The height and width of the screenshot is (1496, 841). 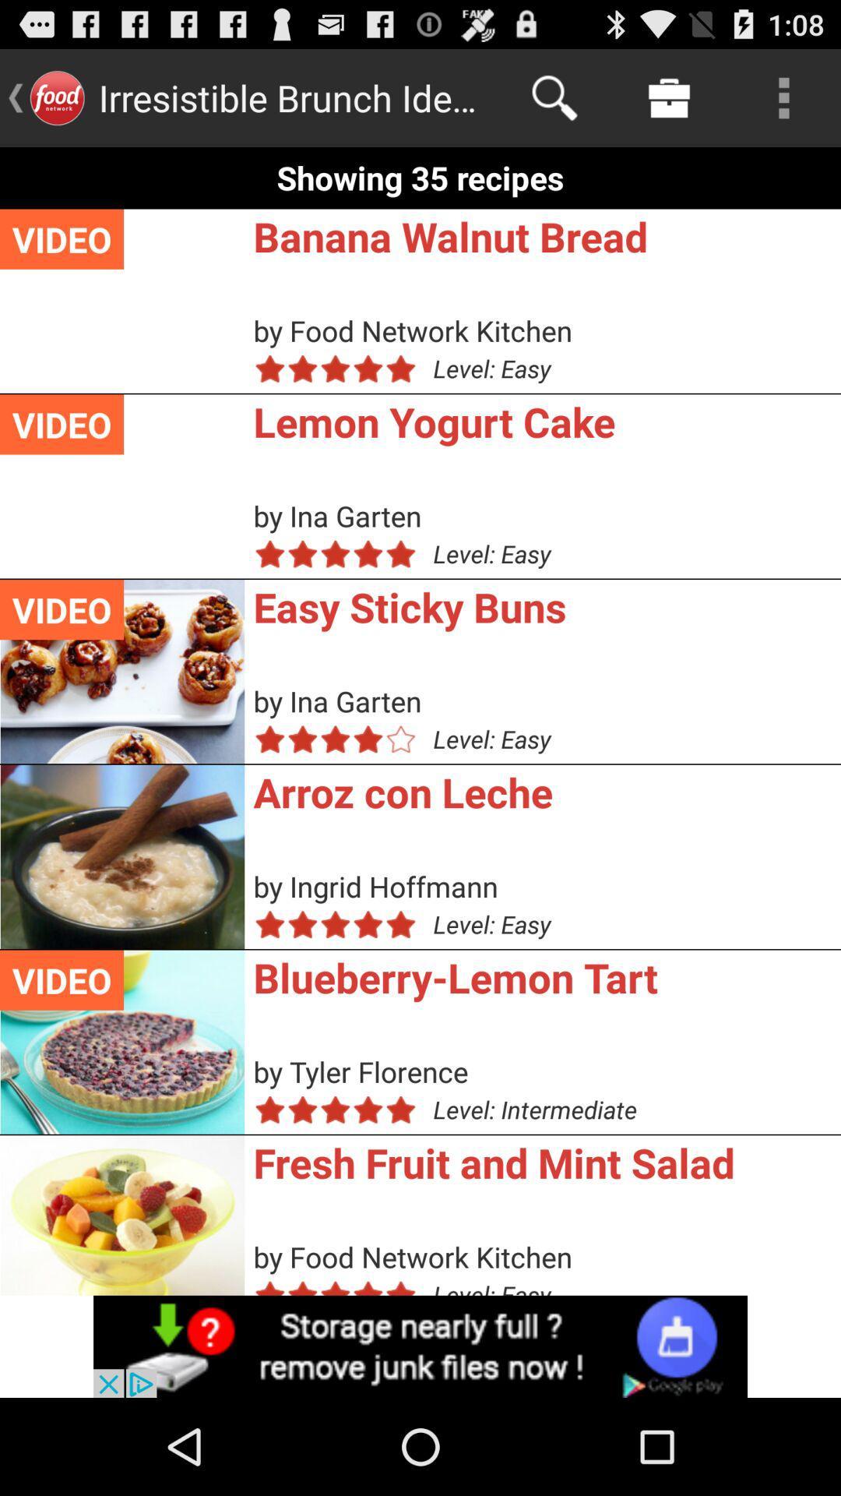 What do you see at coordinates (420, 1346) in the screenshot?
I see `advertisements button` at bounding box center [420, 1346].